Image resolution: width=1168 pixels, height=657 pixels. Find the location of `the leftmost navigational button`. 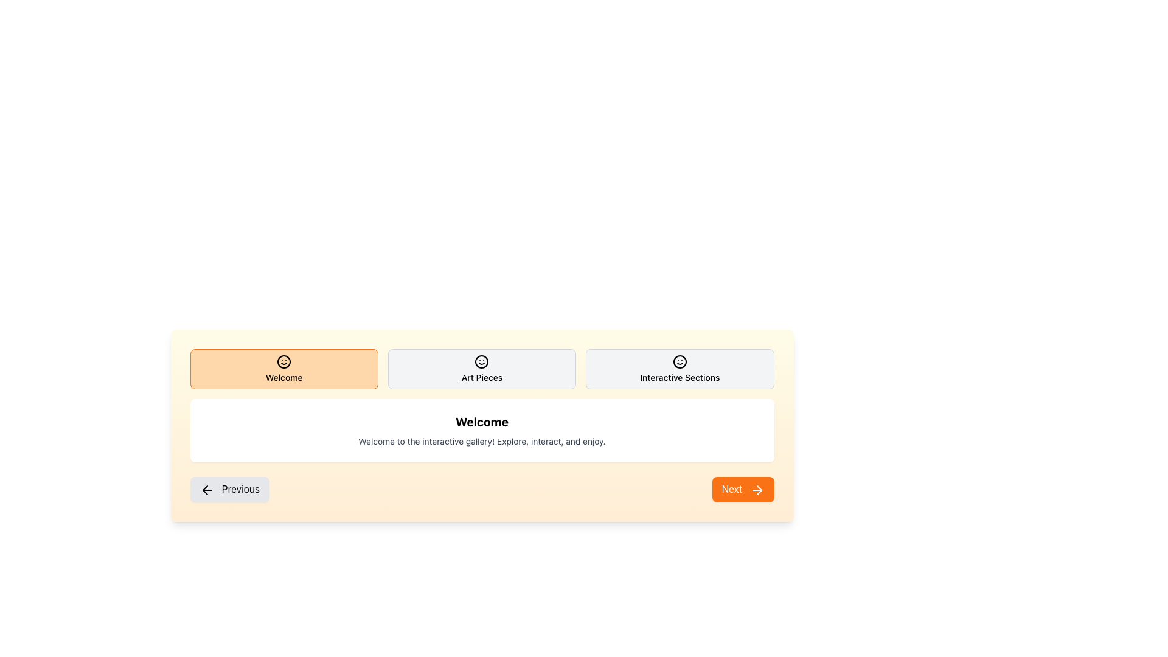

the leftmost navigational button is located at coordinates (283, 368).